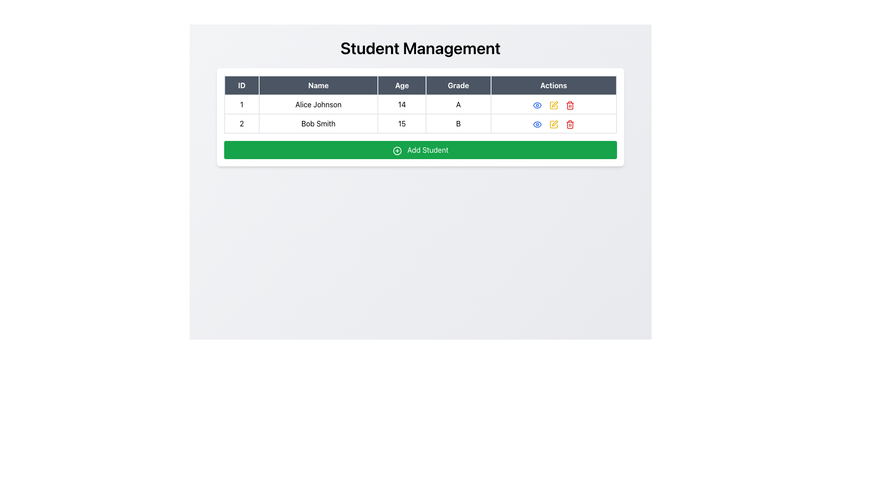 The image size is (873, 491). What do you see at coordinates (554, 104) in the screenshot?
I see `the edit icon button styled with a pen in light yellow color, located inside a square box in the 'Actions' column of the student management table, specifically the second button in the row for 'Alice Johnson'` at bounding box center [554, 104].